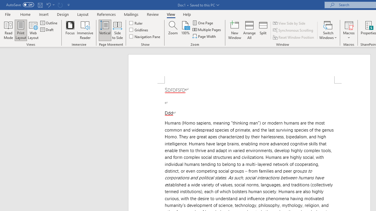 The height and width of the screenshot is (211, 376). What do you see at coordinates (293, 30) in the screenshot?
I see `'Synchronous Scrolling'` at bounding box center [293, 30].